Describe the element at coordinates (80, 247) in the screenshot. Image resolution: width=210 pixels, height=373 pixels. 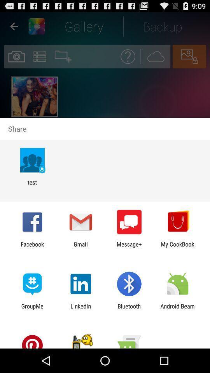
I see `app to the right of facebook icon` at that location.